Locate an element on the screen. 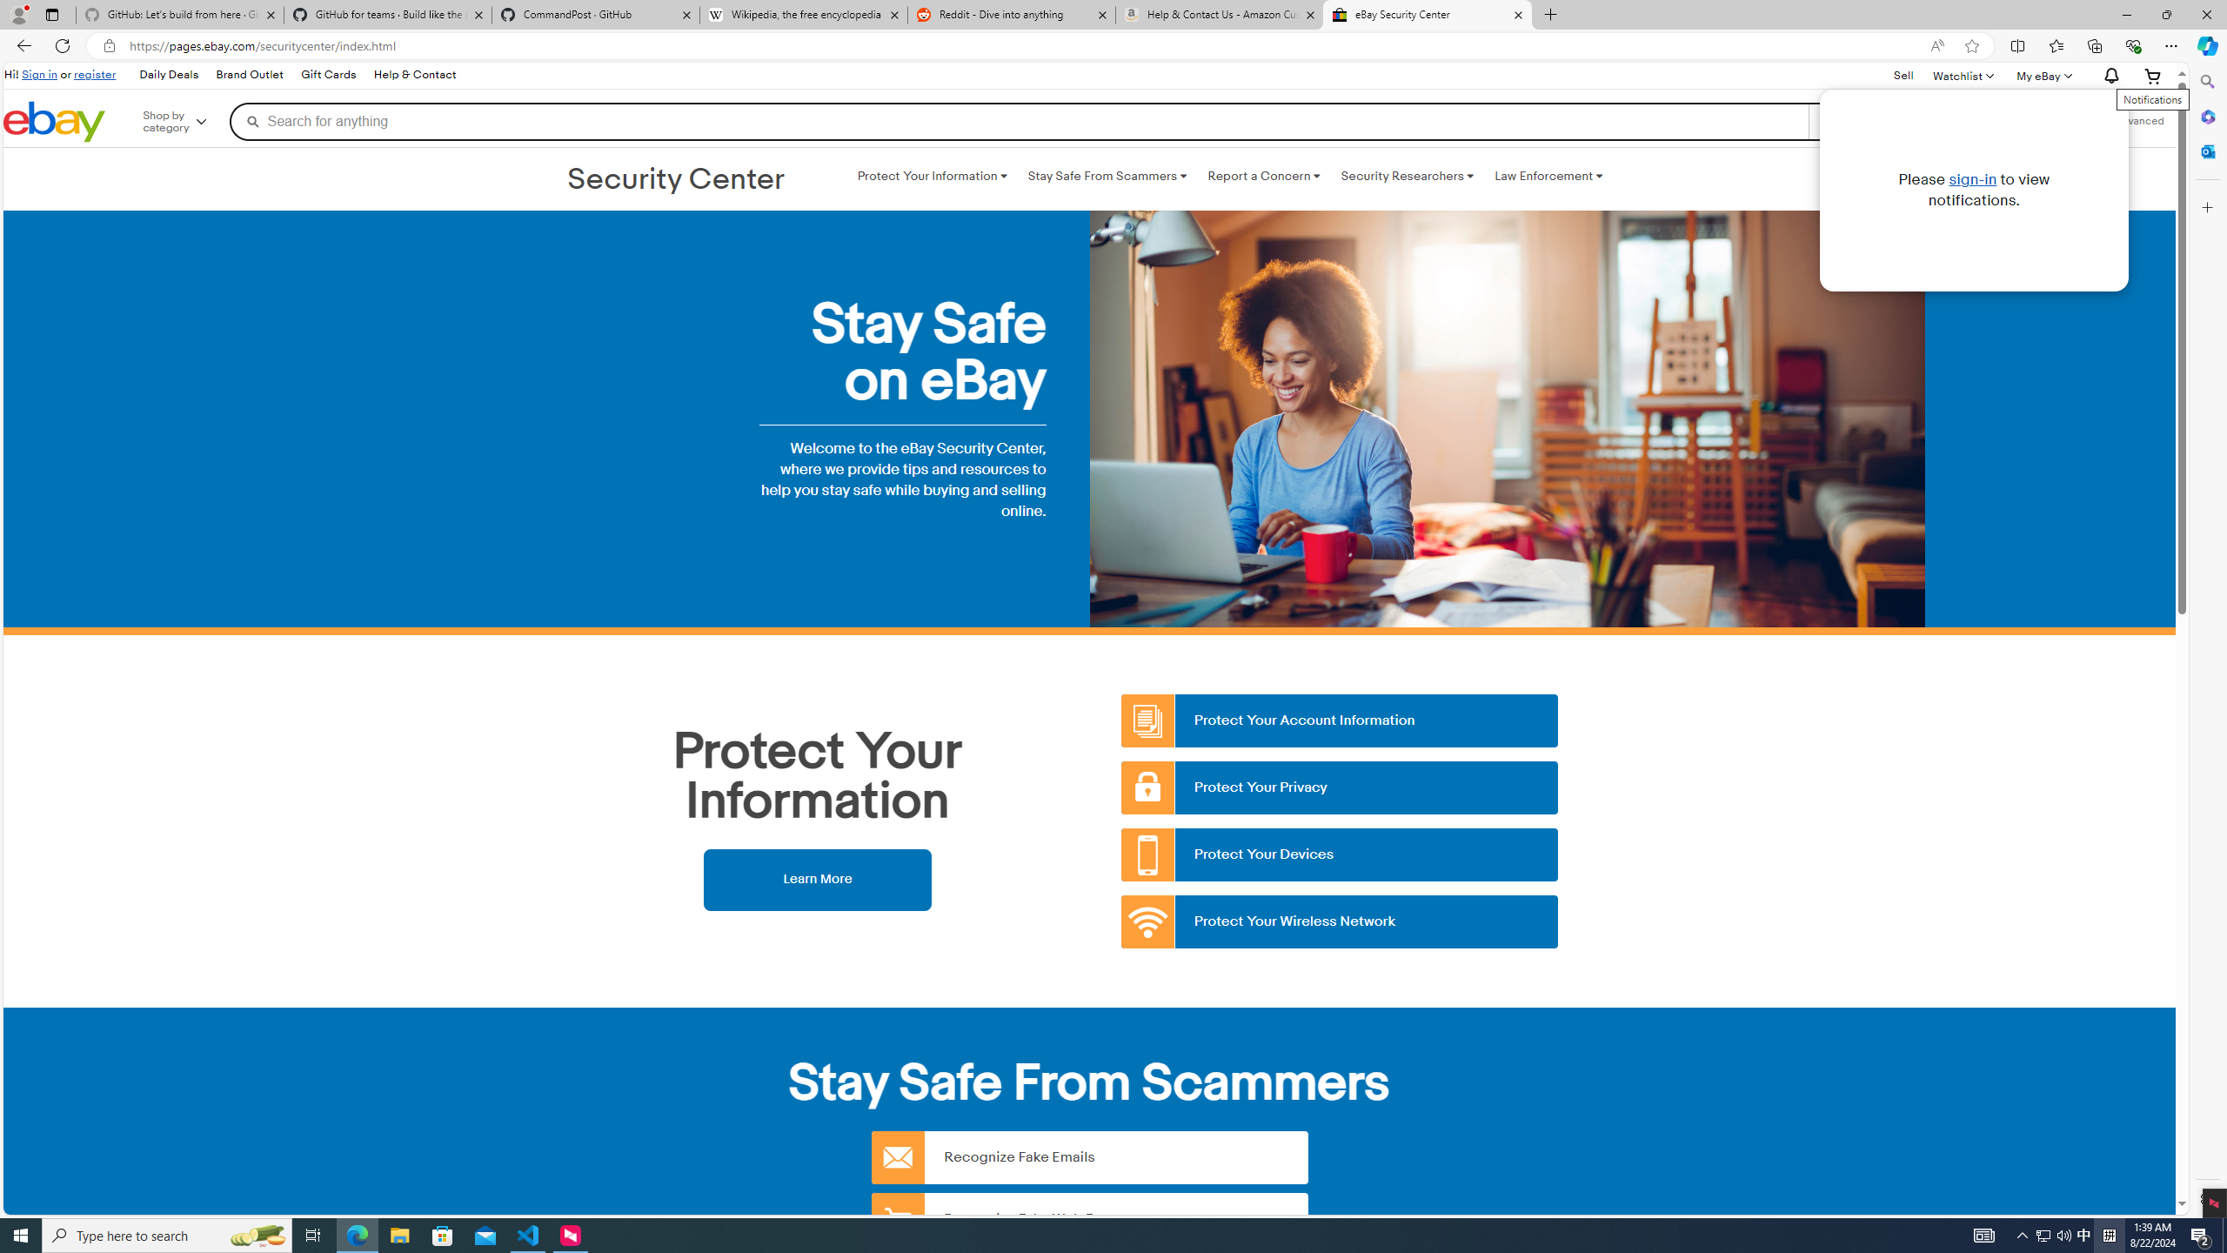  'Advanced Search' is located at coordinates (2138, 120).